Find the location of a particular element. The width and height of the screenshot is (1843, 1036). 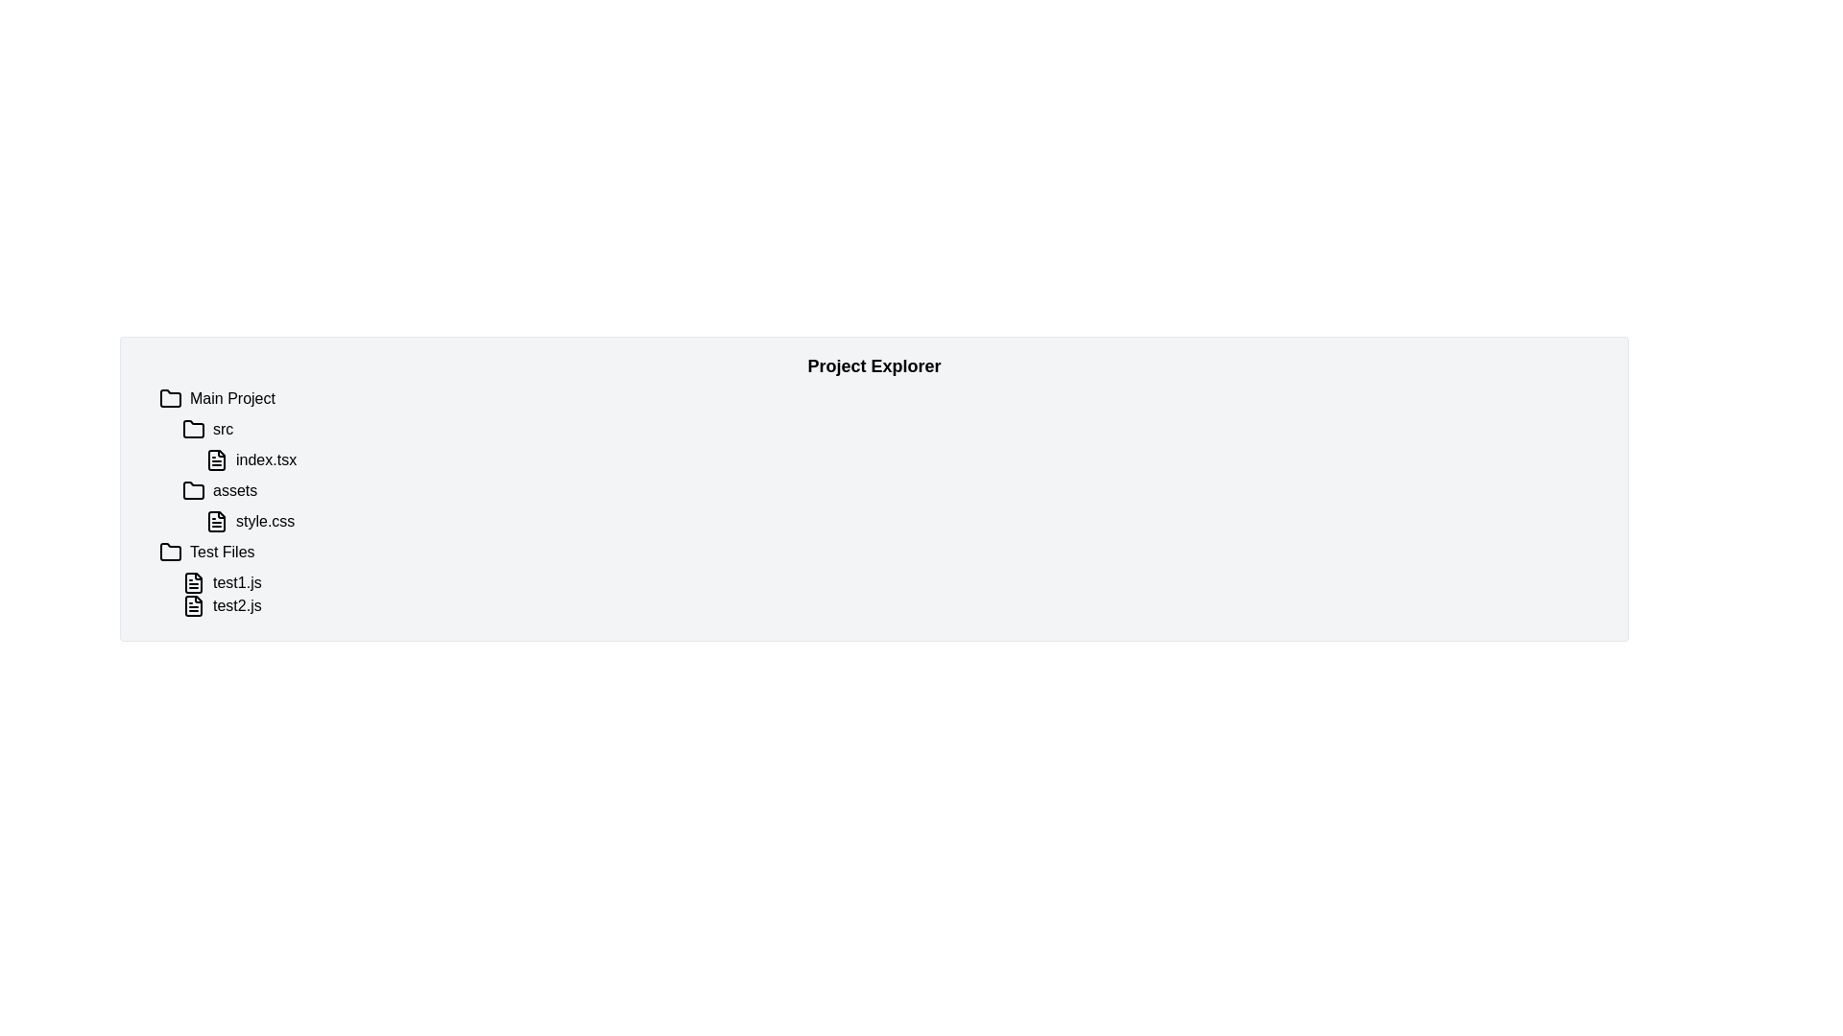

the folder icon representing the 'src' folder is located at coordinates (193, 428).